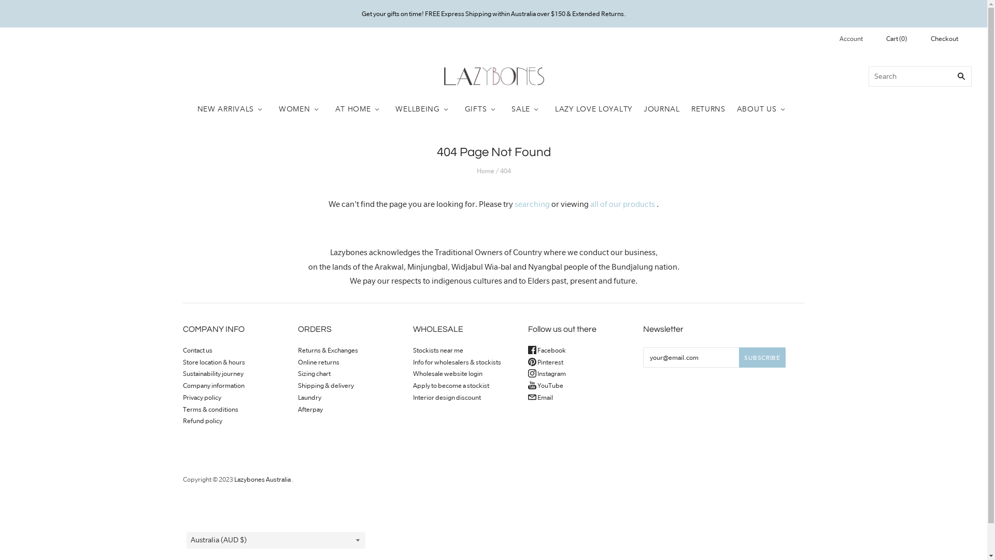 The image size is (995, 560). Describe the element at coordinates (859, 38) in the screenshot. I see `'Account'` at that location.